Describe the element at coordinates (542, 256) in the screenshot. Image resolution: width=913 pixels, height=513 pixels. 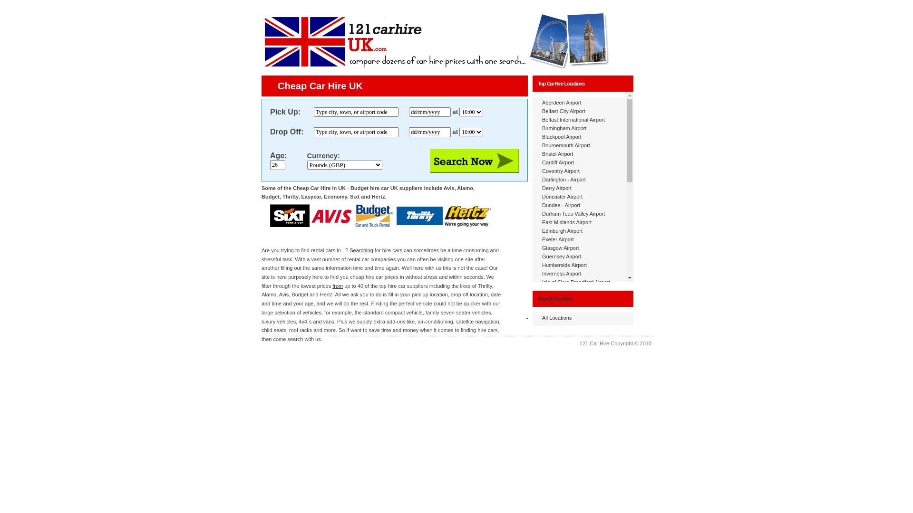
I see `'Guernsey Airport'` at that location.